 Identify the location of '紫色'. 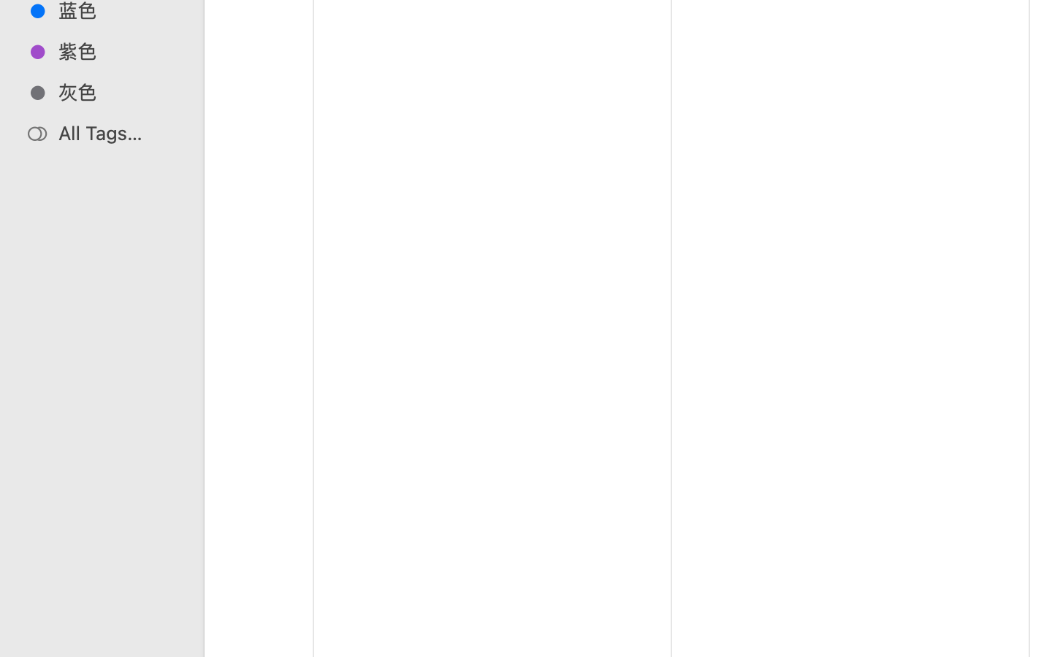
(116, 50).